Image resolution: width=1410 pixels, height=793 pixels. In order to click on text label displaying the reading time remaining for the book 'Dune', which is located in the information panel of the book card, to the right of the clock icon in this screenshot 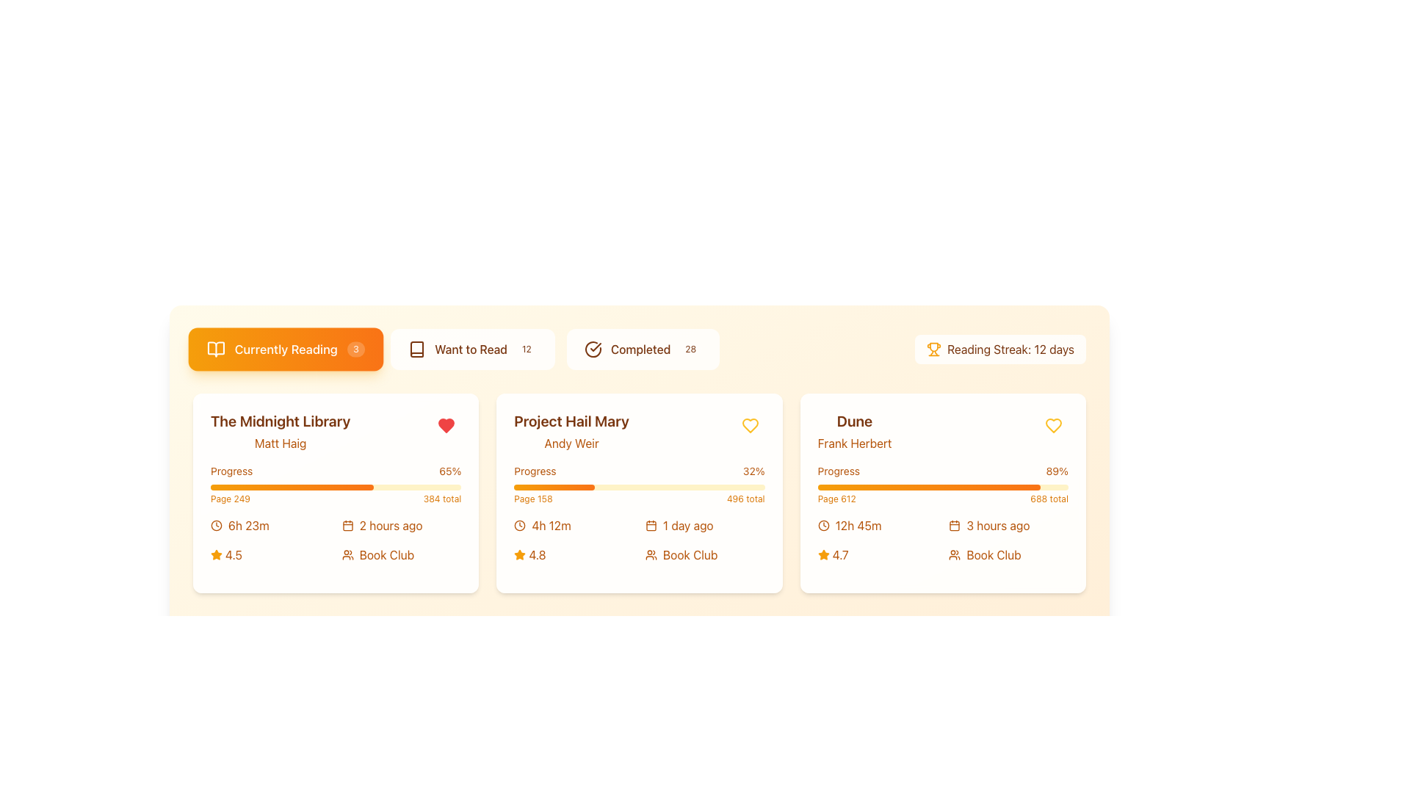, I will do `click(858, 525)`.